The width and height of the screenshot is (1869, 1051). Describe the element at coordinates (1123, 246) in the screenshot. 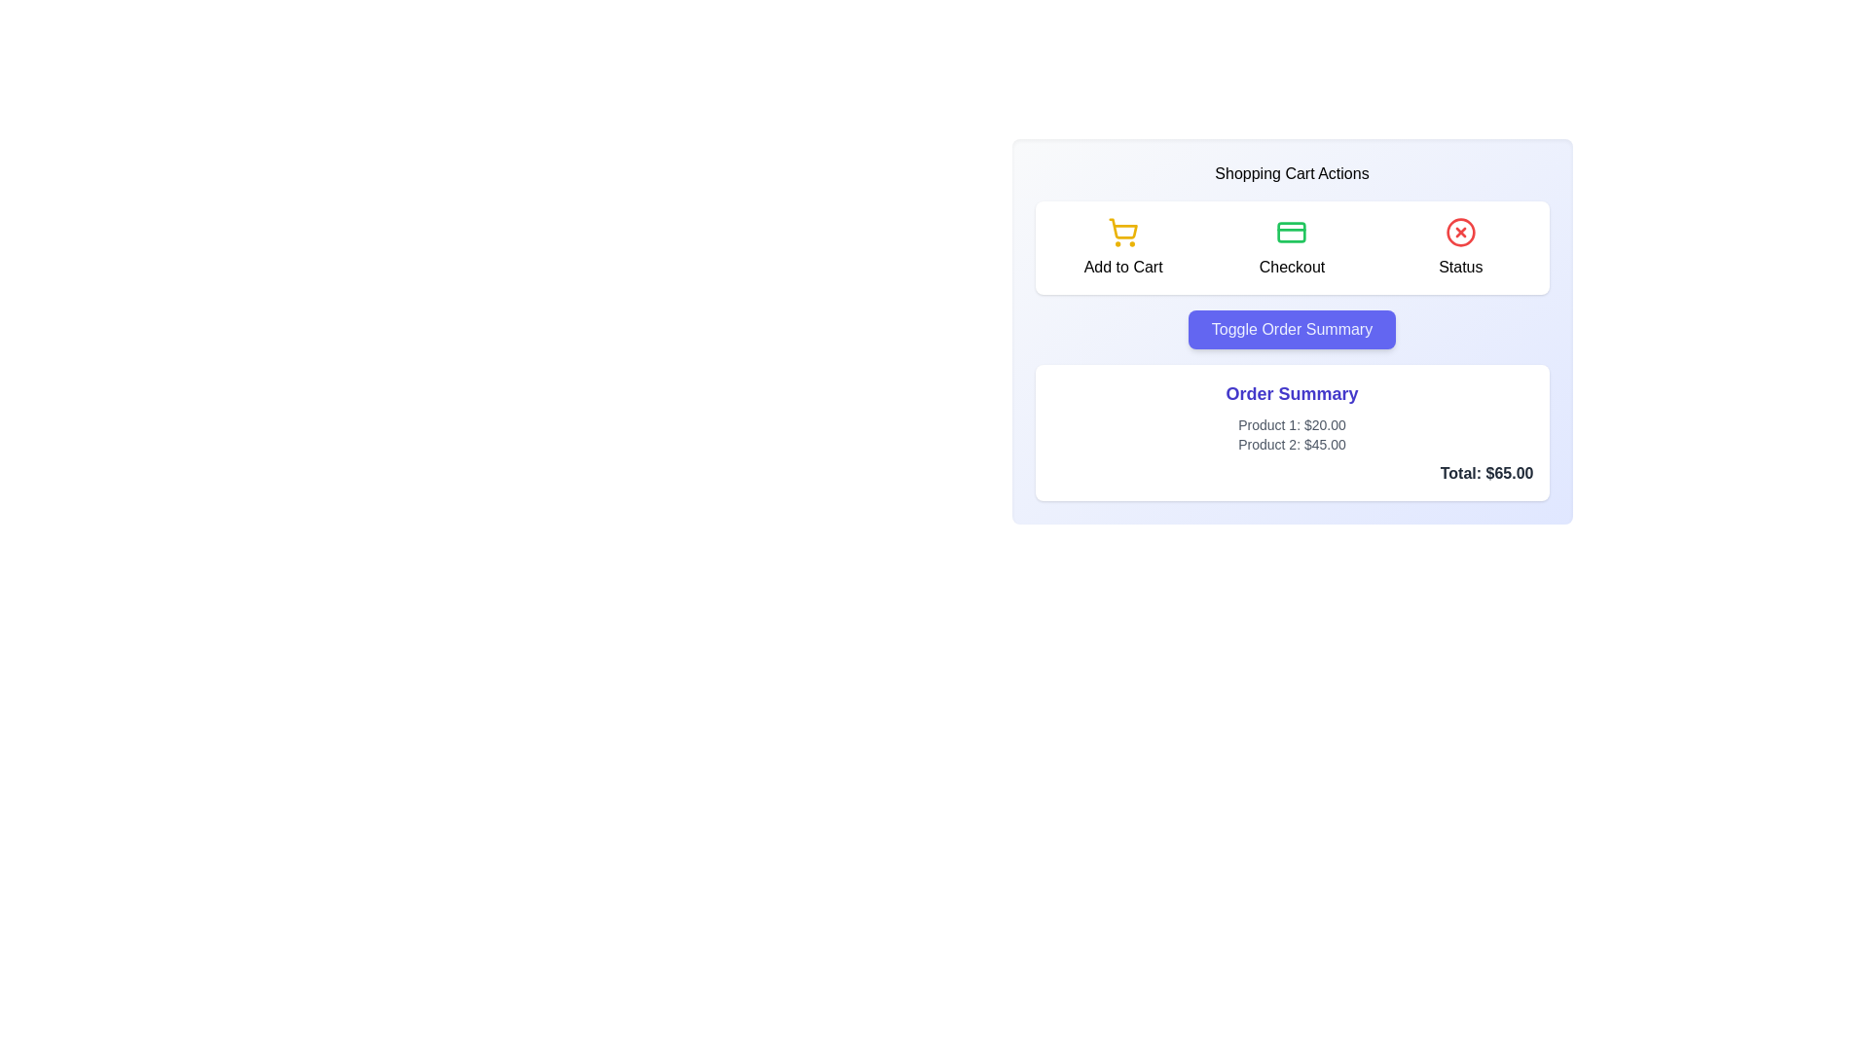

I see `the 'Add to Cart' button which features a yellow shopping cart icon and the text below it` at that location.